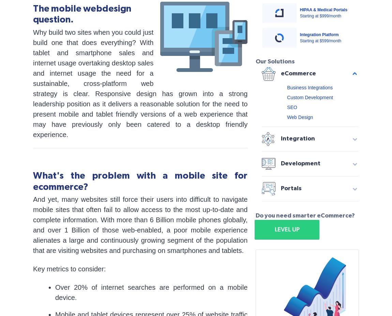 This screenshot has width=392, height=316. I want to click on 'Over 20% of internet searches are performed on a mobile device.', so click(55, 292).